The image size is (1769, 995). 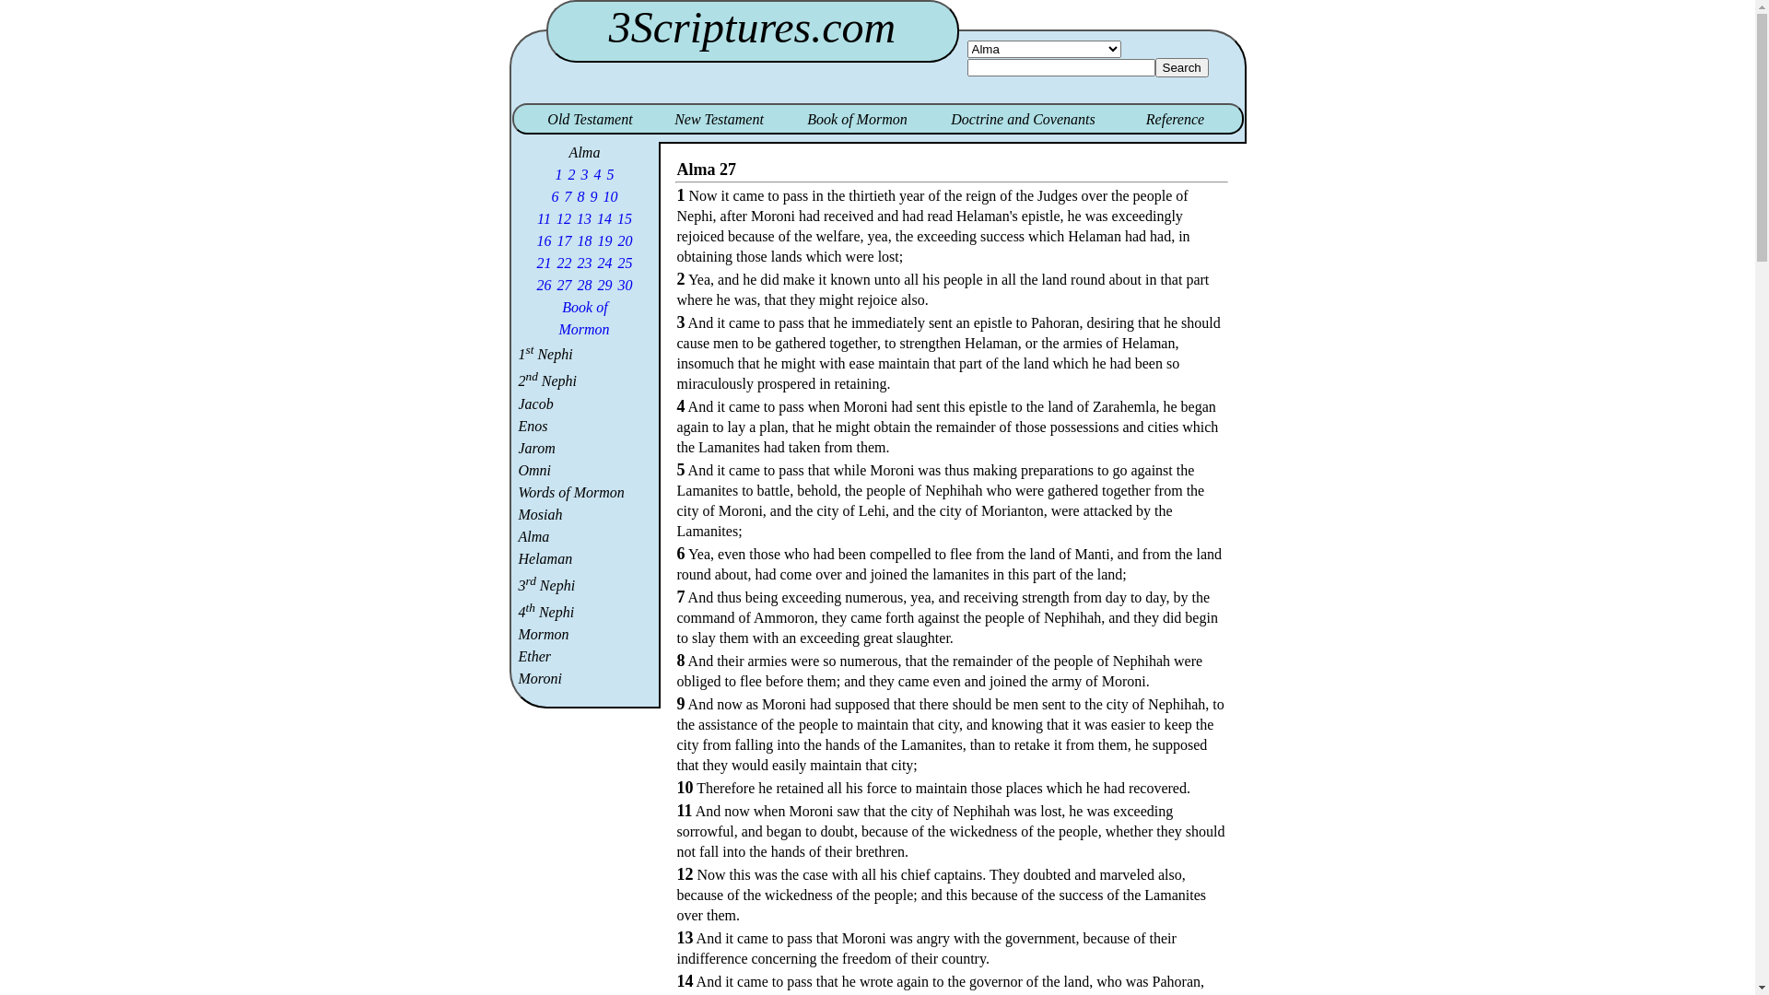 What do you see at coordinates (562, 196) in the screenshot?
I see `'7'` at bounding box center [562, 196].